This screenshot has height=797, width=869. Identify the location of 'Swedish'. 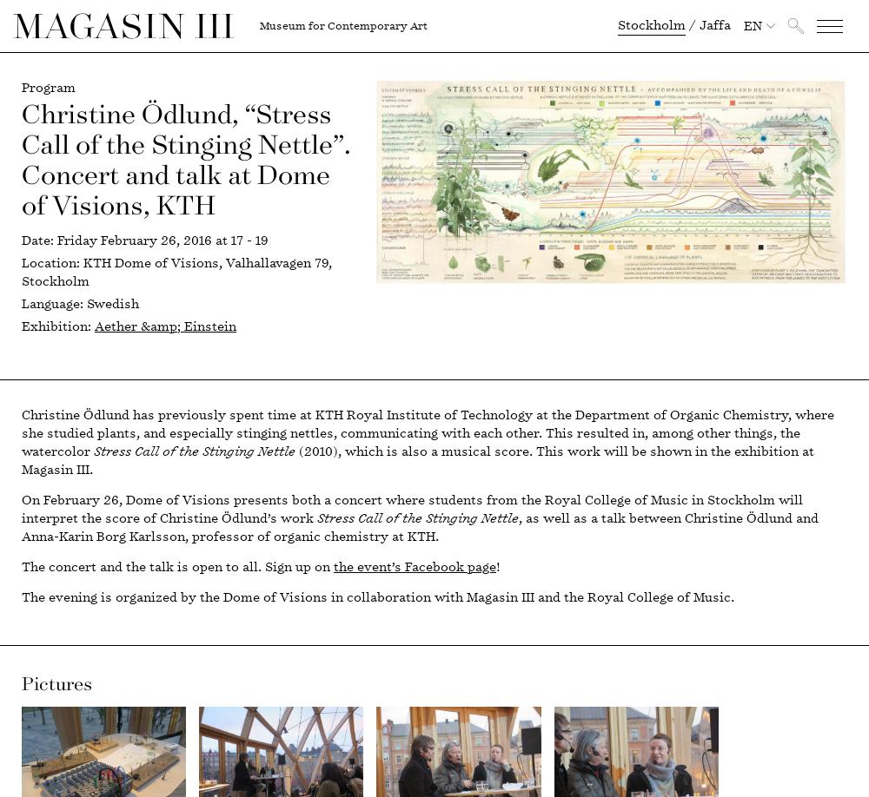
(111, 304).